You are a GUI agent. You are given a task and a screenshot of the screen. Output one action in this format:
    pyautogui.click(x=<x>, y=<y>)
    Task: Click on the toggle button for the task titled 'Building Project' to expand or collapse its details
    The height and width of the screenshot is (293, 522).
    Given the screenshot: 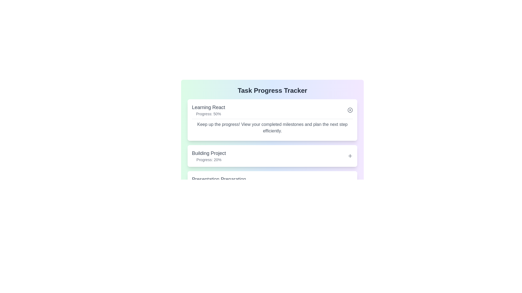 What is the action you would take?
    pyautogui.click(x=350, y=156)
    